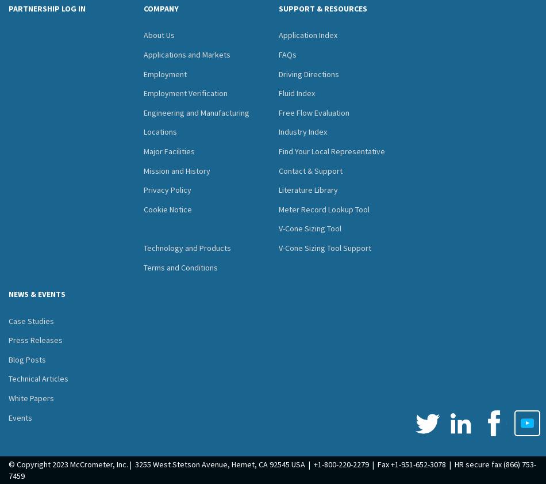  I want to click on 'Literature Library', so click(308, 189).